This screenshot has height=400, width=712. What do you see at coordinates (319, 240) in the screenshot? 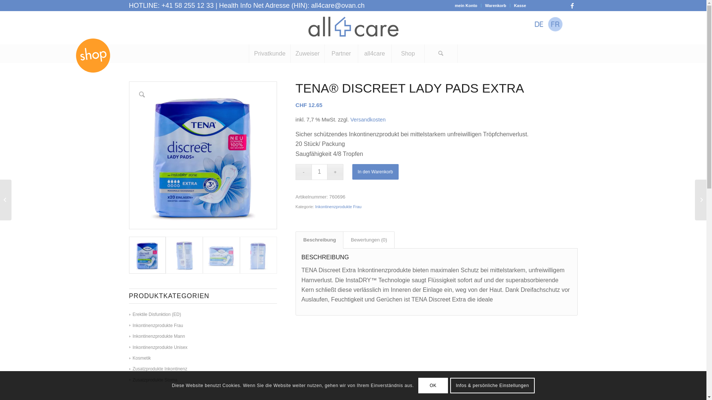
I see `'Beschreibung'` at bounding box center [319, 240].